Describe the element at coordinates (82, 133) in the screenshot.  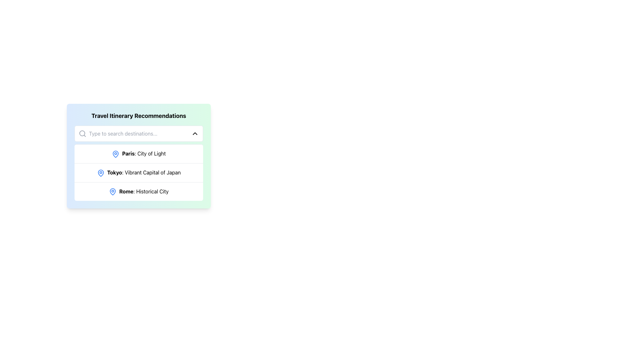
I see `the visual indicator icon located on the left side of the search bar within the 'Travel Itinerary Recommendations' card, which suggests the functionality of the search input field` at that location.